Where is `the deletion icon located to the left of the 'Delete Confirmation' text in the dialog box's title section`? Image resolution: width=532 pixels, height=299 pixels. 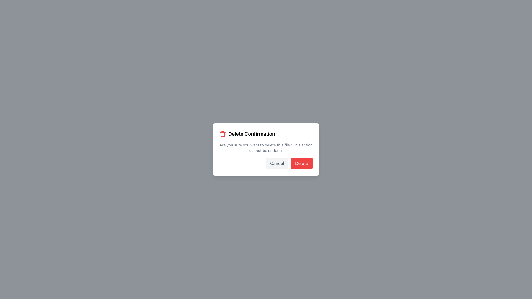 the deletion icon located to the left of the 'Delete Confirmation' text in the dialog box's title section is located at coordinates (223, 134).